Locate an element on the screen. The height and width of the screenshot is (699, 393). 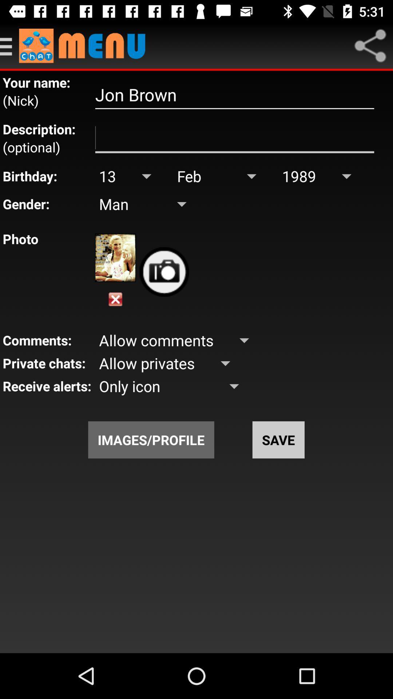
the menu icon is located at coordinates (9, 45).